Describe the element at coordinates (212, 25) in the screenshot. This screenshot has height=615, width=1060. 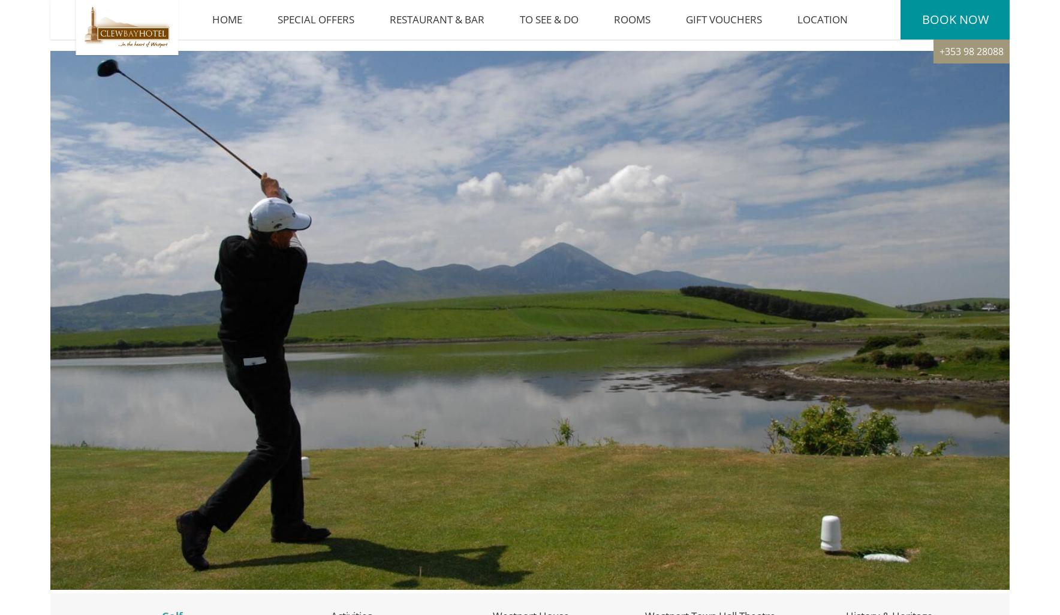
I see `'Home'` at that location.